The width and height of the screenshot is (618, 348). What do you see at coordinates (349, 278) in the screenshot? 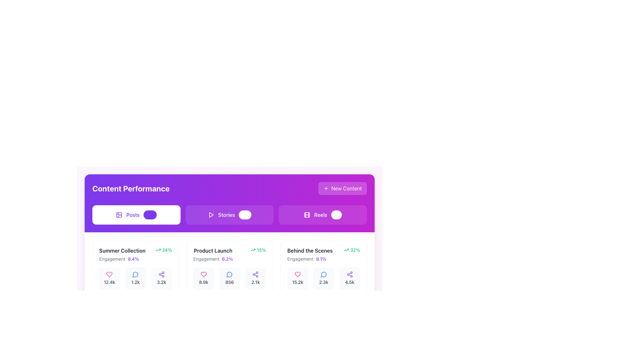
I see `the Statistical display component showing '4.5k' shares in the 'Behind the Scenes' section, located at the bottom-right corner of the grid` at bounding box center [349, 278].